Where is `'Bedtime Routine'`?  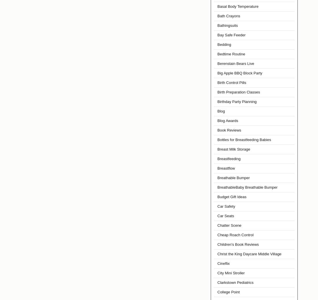 'Bedtime Routine' is located at coordinates (231, 54).